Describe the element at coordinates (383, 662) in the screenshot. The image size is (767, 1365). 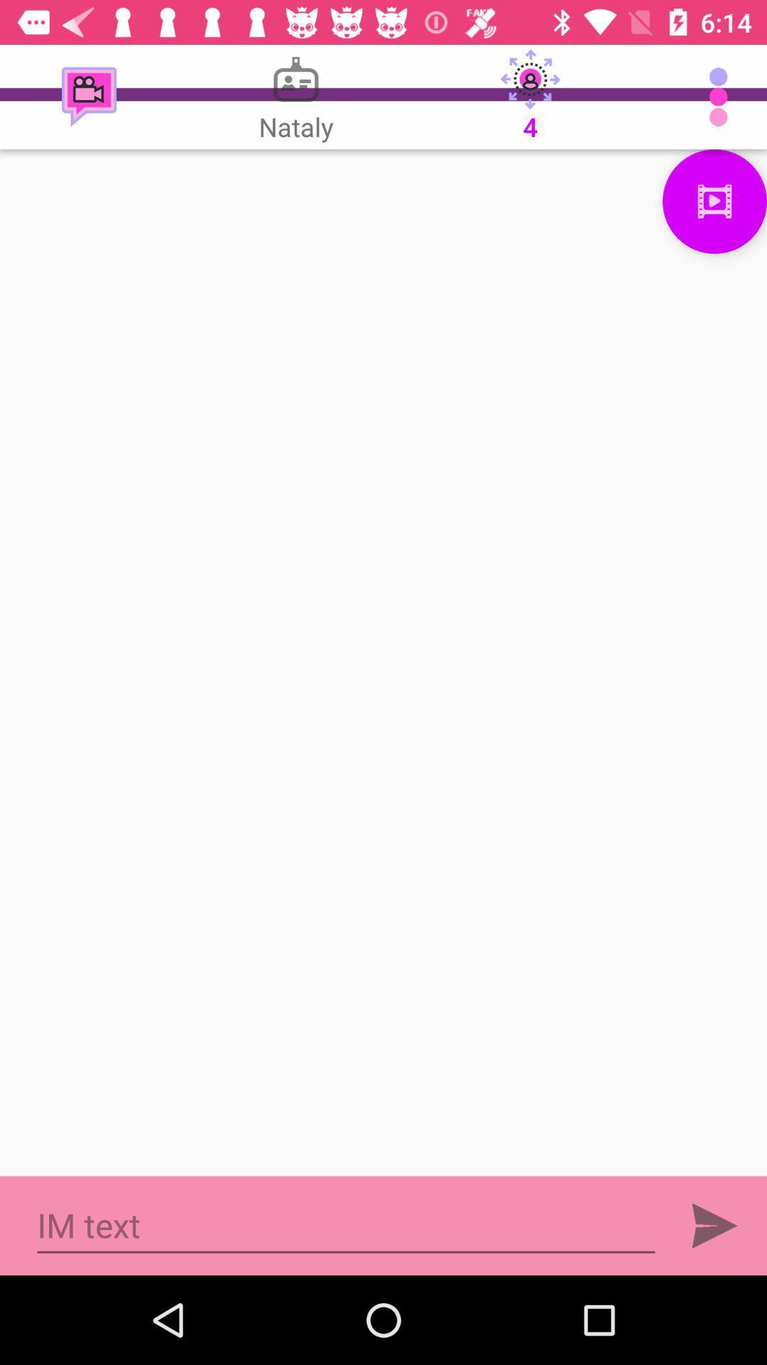
I see `empty image` at that location.